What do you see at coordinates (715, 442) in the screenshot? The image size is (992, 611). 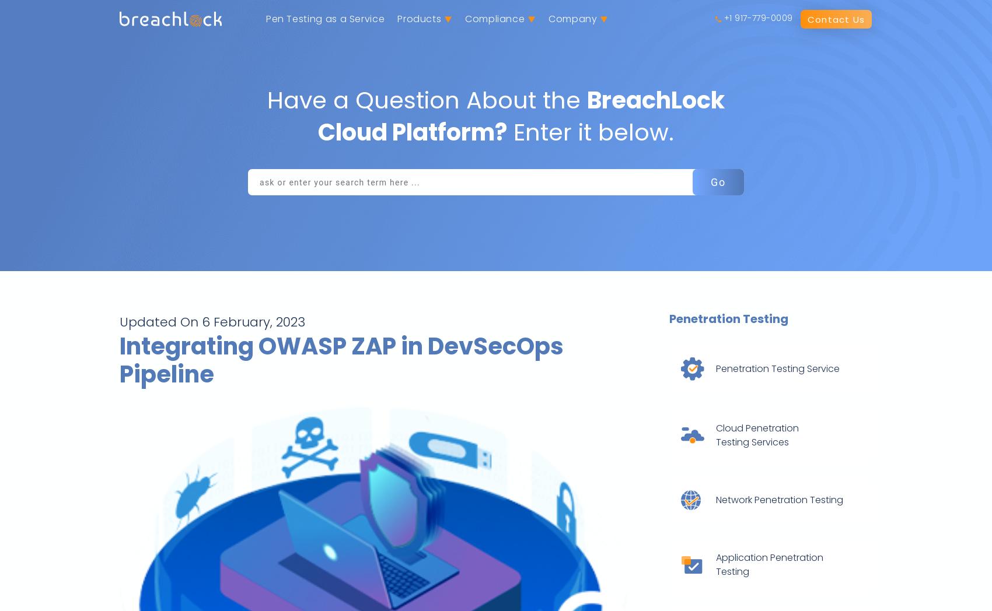 I see `'Testing Services'` at bounding box center [715, 442].